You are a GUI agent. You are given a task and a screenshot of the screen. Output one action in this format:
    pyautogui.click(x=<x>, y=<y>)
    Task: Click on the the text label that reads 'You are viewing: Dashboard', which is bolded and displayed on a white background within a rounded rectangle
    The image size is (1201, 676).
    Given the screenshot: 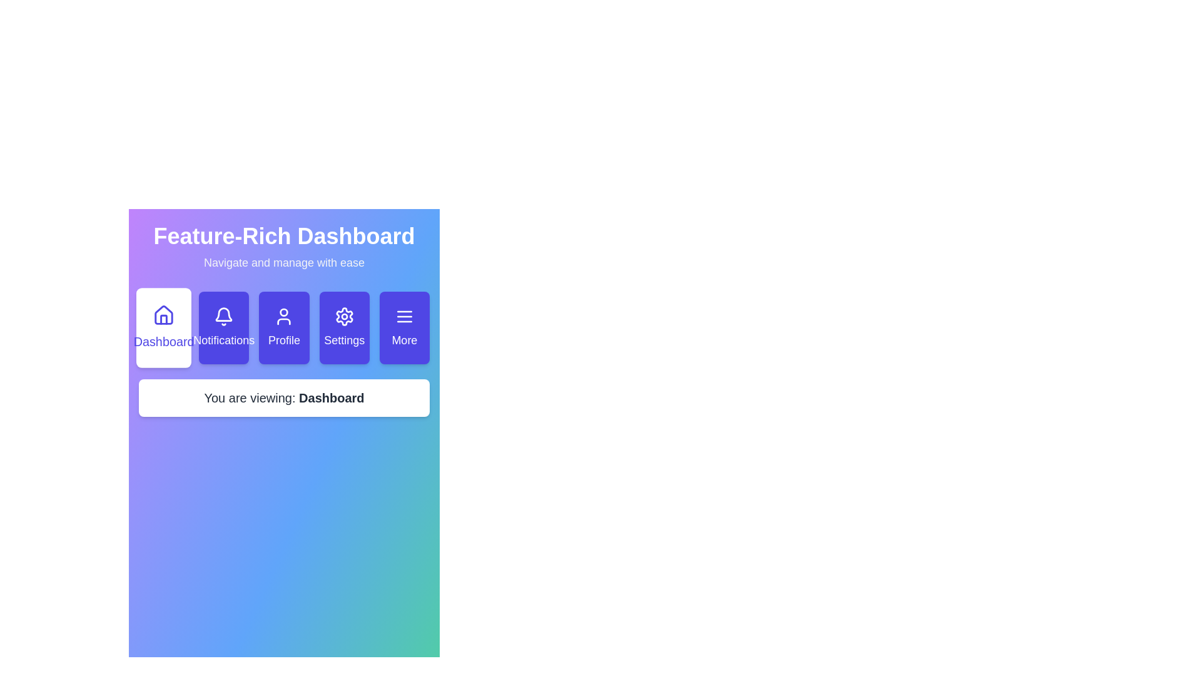 What is the action you would take?
    pyautogui.click(x=283, y=398)
    